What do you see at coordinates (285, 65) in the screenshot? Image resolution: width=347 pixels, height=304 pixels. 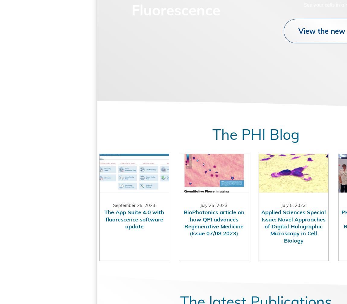 I see `'View the new product'` at bounding box center [285, 65].